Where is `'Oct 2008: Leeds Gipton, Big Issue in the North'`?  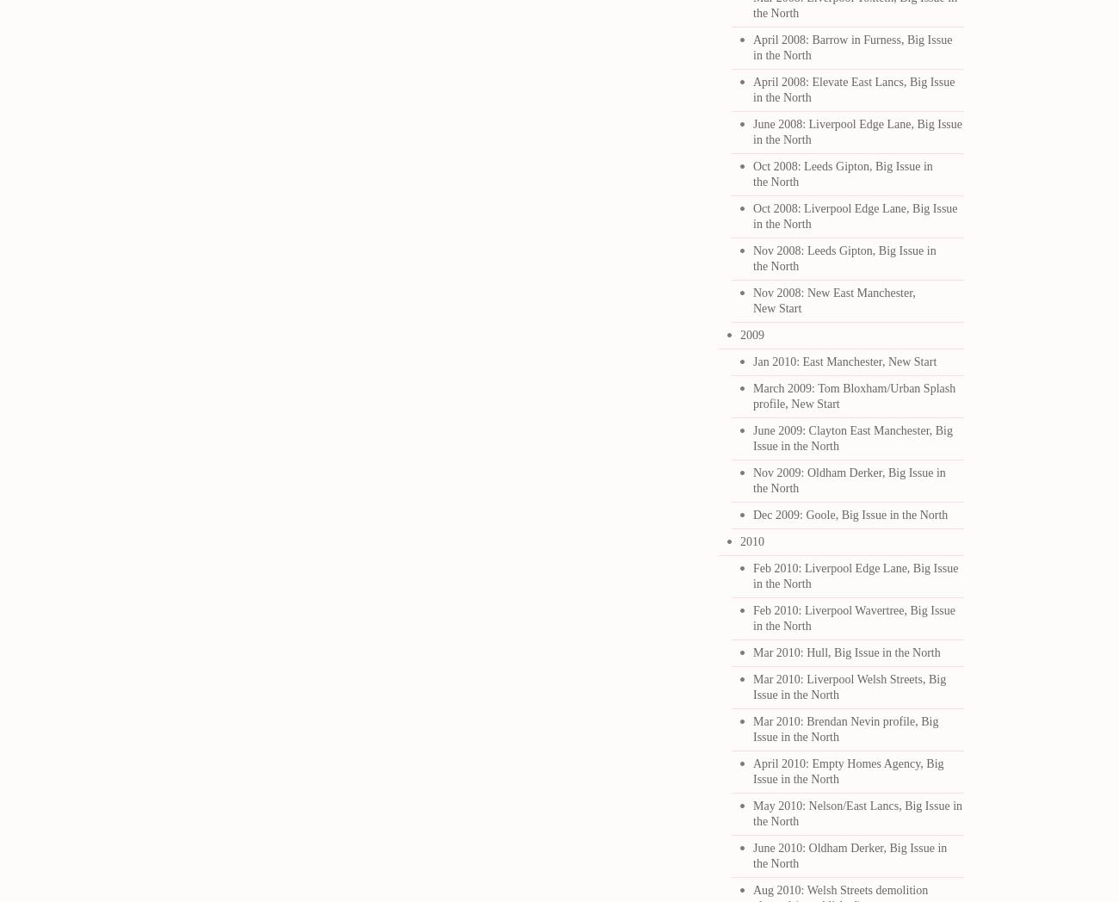
'Oct 2008: Leeds Gipton, Big Issue in the North' is located at coordinates (842, 173).